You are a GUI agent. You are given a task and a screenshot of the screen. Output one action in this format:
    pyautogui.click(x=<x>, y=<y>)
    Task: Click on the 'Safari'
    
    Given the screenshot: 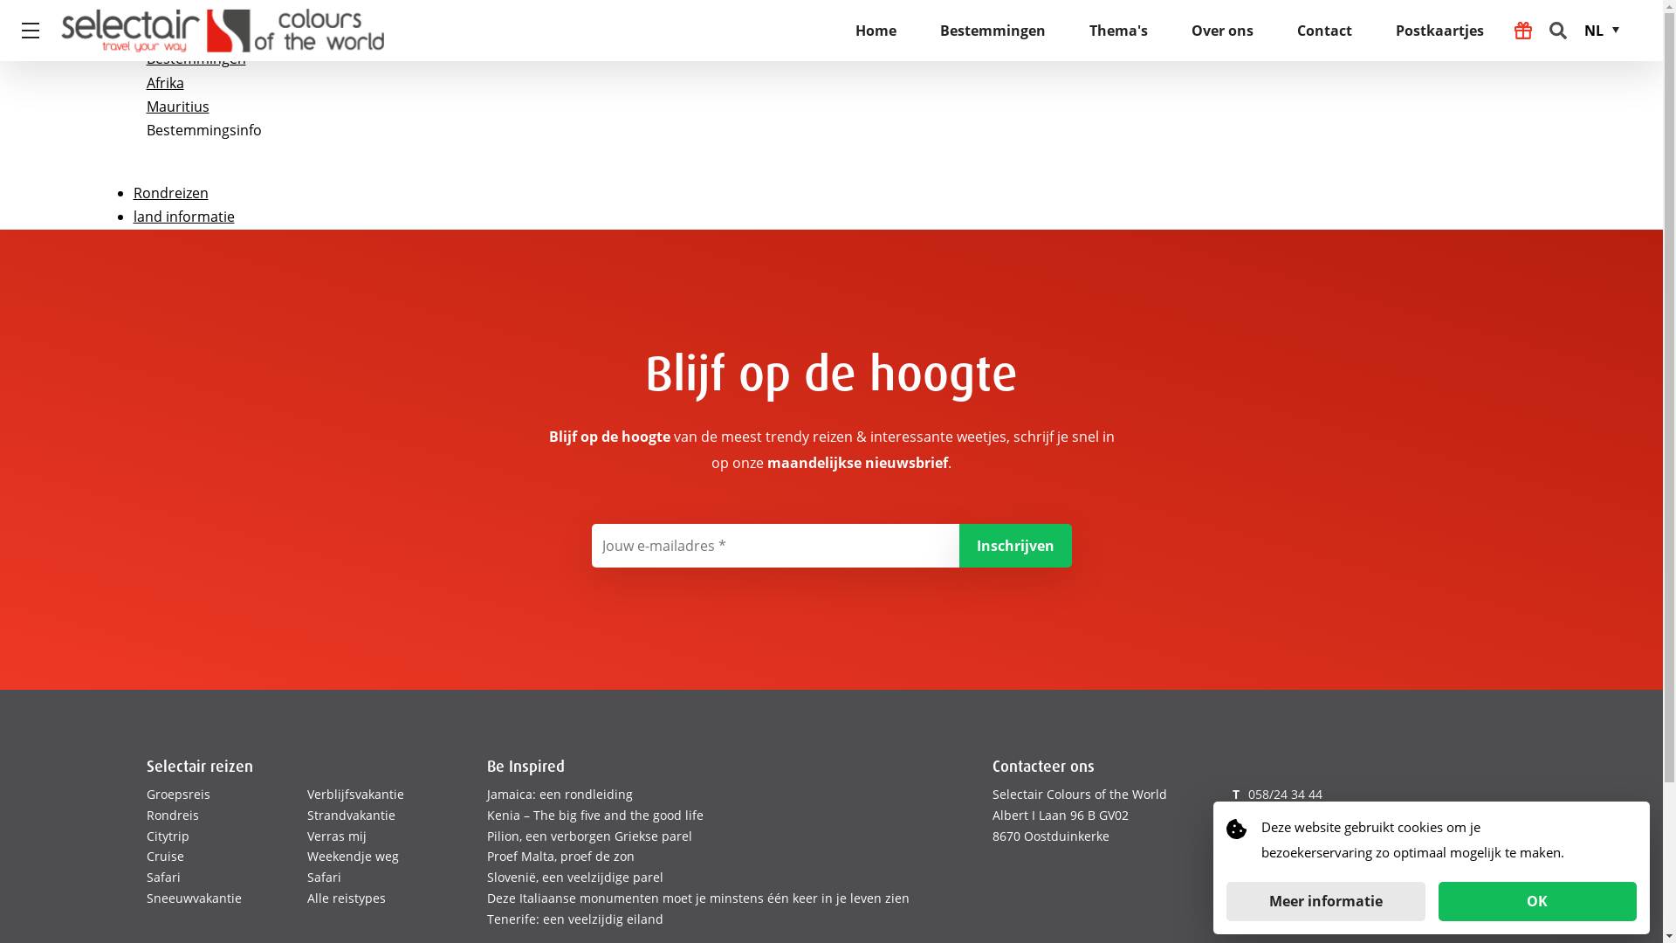 What is the action you would take?
    pyautogui.click(x=324, y=877)
    